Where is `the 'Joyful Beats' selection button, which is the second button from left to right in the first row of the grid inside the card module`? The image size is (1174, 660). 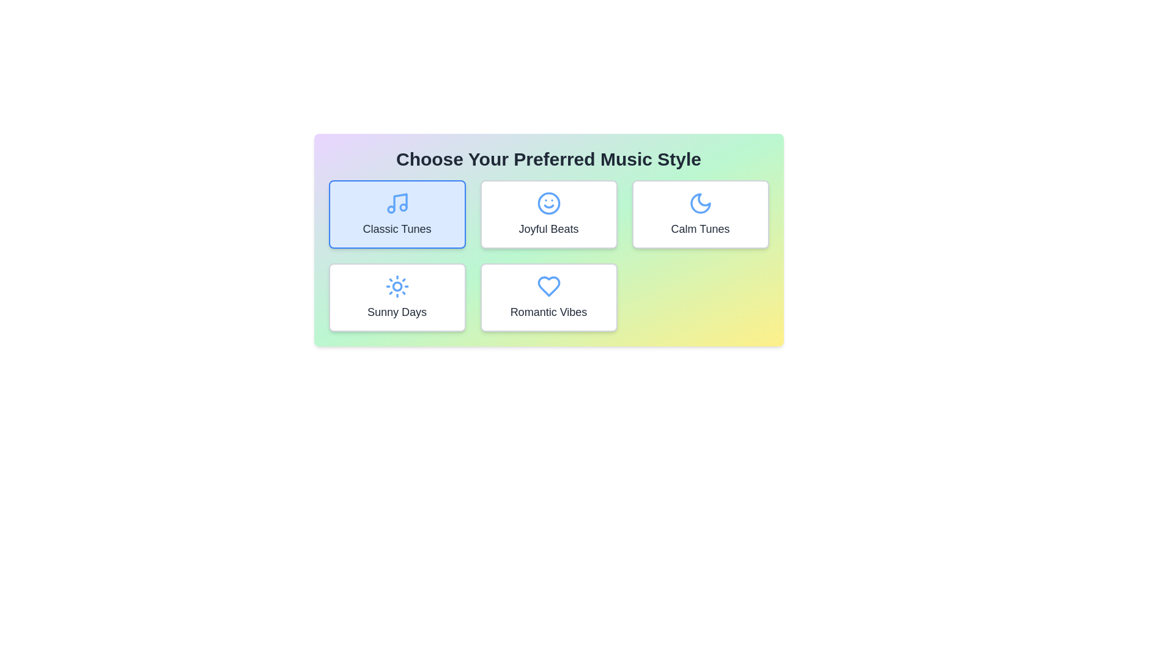
the 'Joyful Beats' selection button, which is the second button from left to right in the first row of the grid inside the card module is located at coordinates (548, 240).